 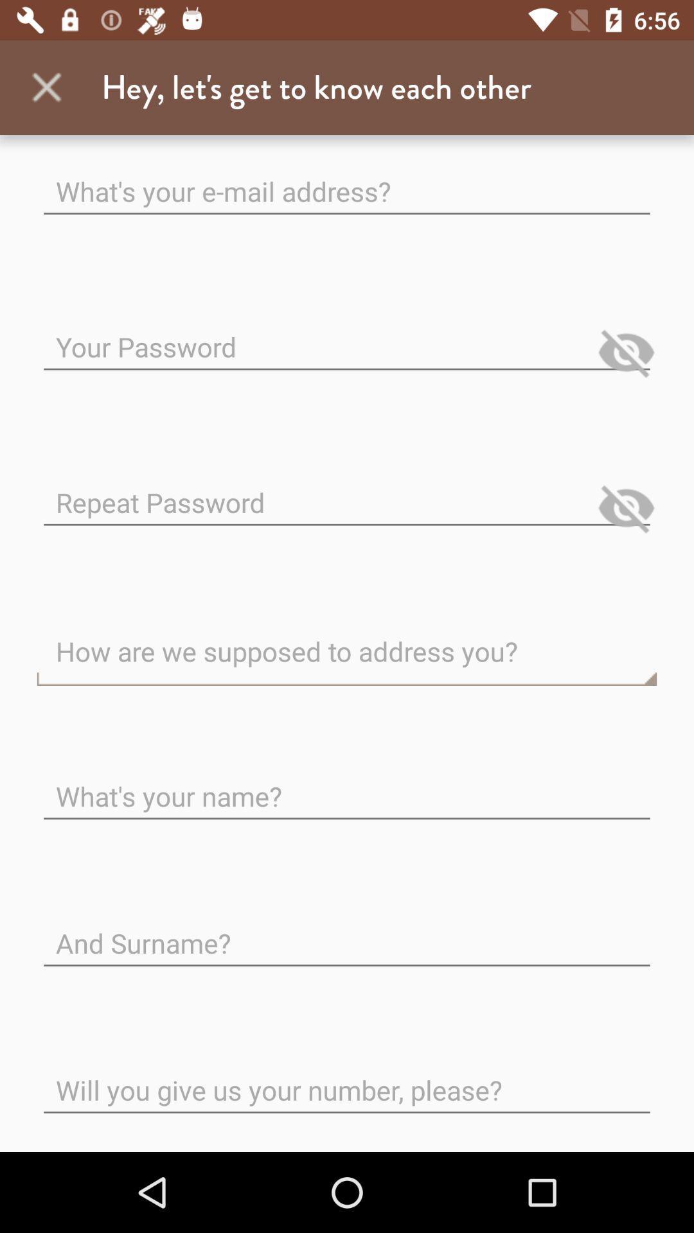 What do you see at coordinates (46, 87) in the screenshot?
I see `item to the left of hey let s item` at bounding box center [46, 87].